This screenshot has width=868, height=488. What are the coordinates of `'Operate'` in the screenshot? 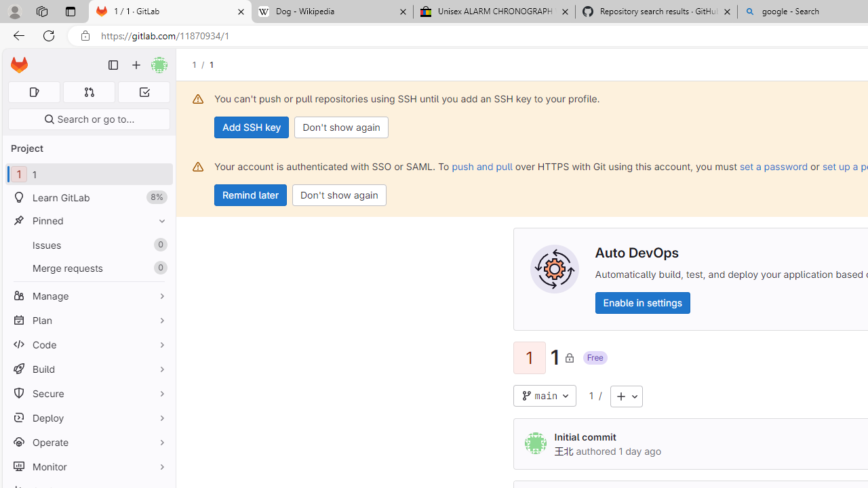 It's located at (88, 442).